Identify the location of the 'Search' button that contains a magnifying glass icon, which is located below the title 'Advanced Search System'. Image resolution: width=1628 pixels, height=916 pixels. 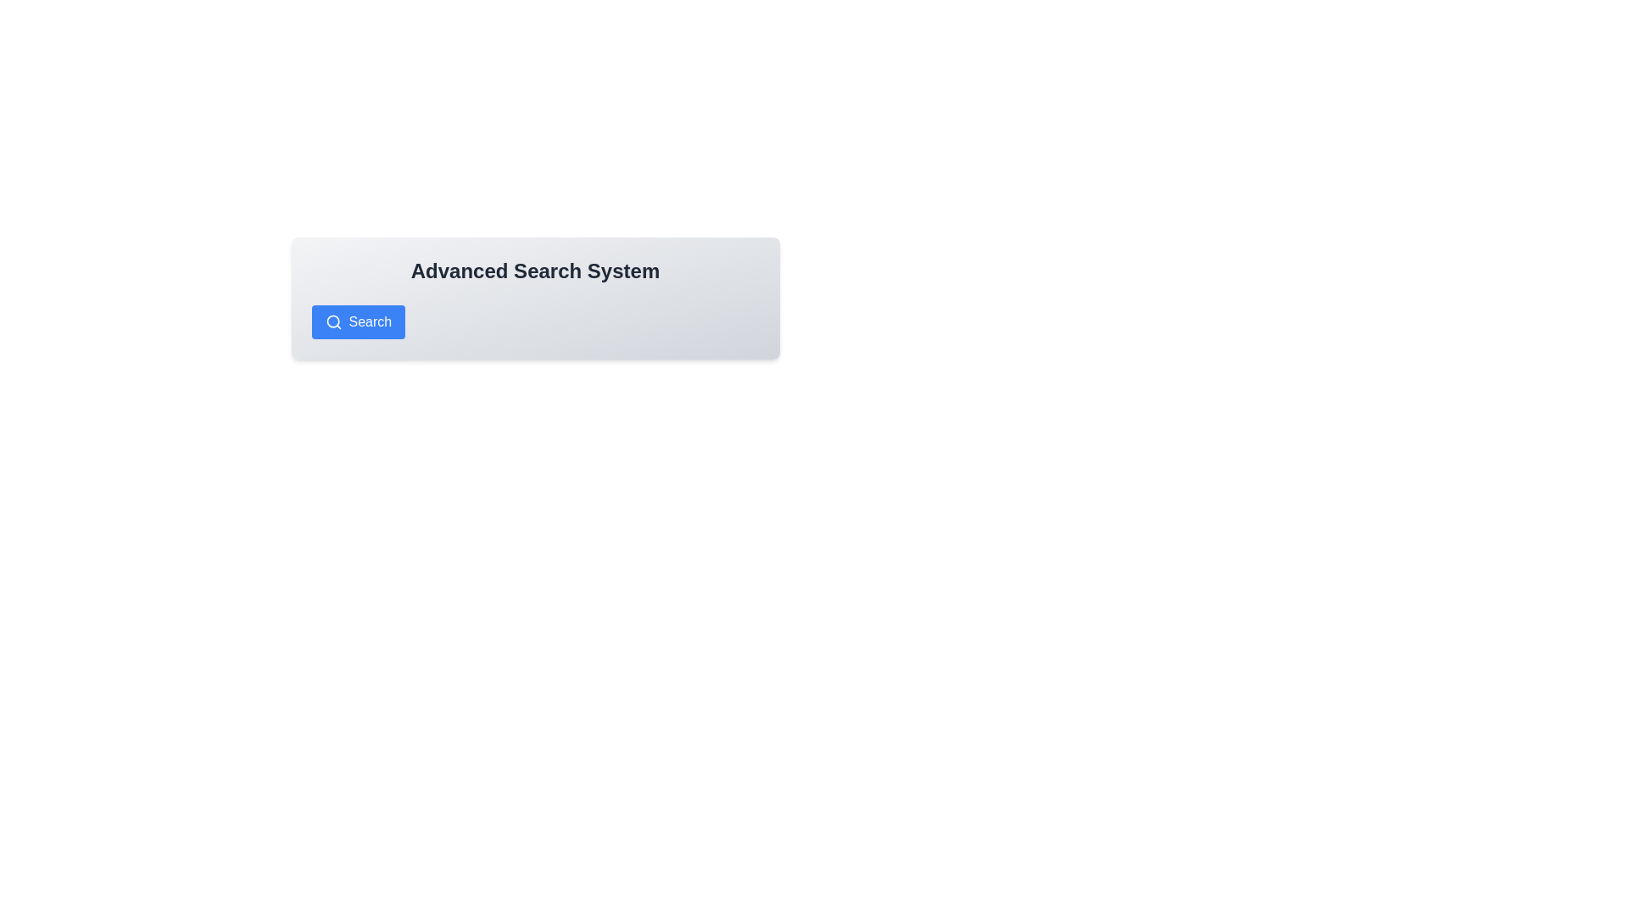
(333, 322).